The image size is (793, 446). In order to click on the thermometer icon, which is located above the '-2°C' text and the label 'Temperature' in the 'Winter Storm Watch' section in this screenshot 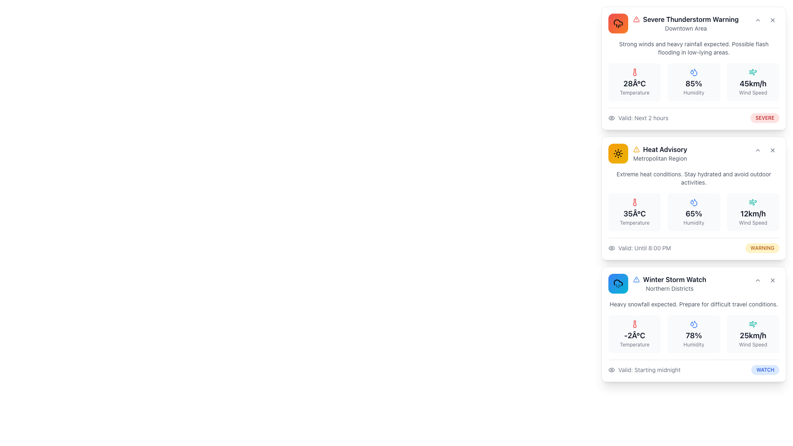, I will do `click(634, 324)`.